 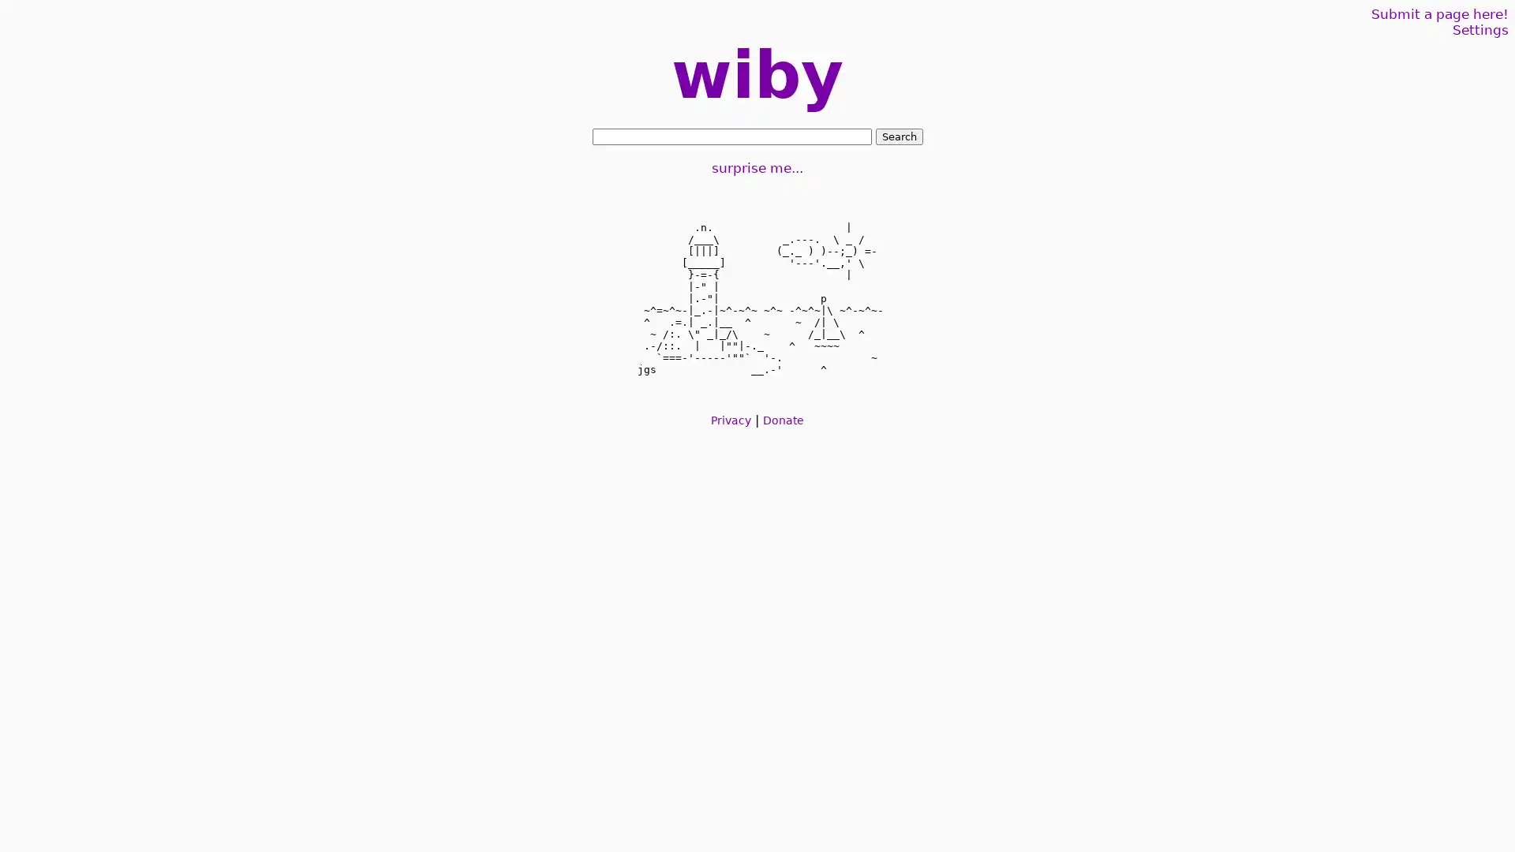 What do you see at coordinates (898, 136) in the screenshot?
I see `Search` at bounding box center [898, 136].